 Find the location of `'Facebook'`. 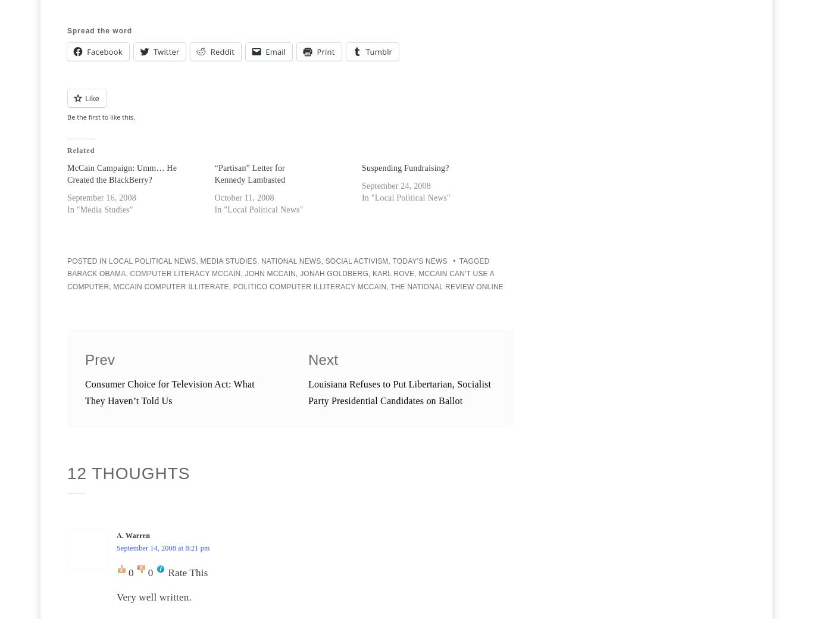

'Facebook' is located at coordinates (104, 51).